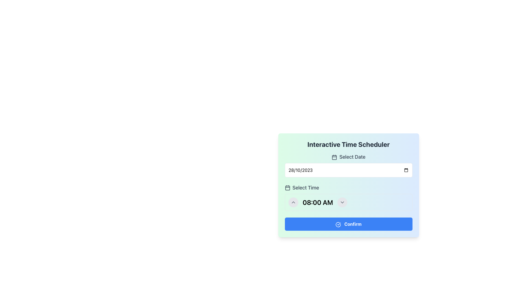 This screenshot has height=297, width=528. I want to click on the 'Confirm' button with a blue background and rounded corners located at the bottom of the form to confirm choices or submit the form, so click(348, 224).